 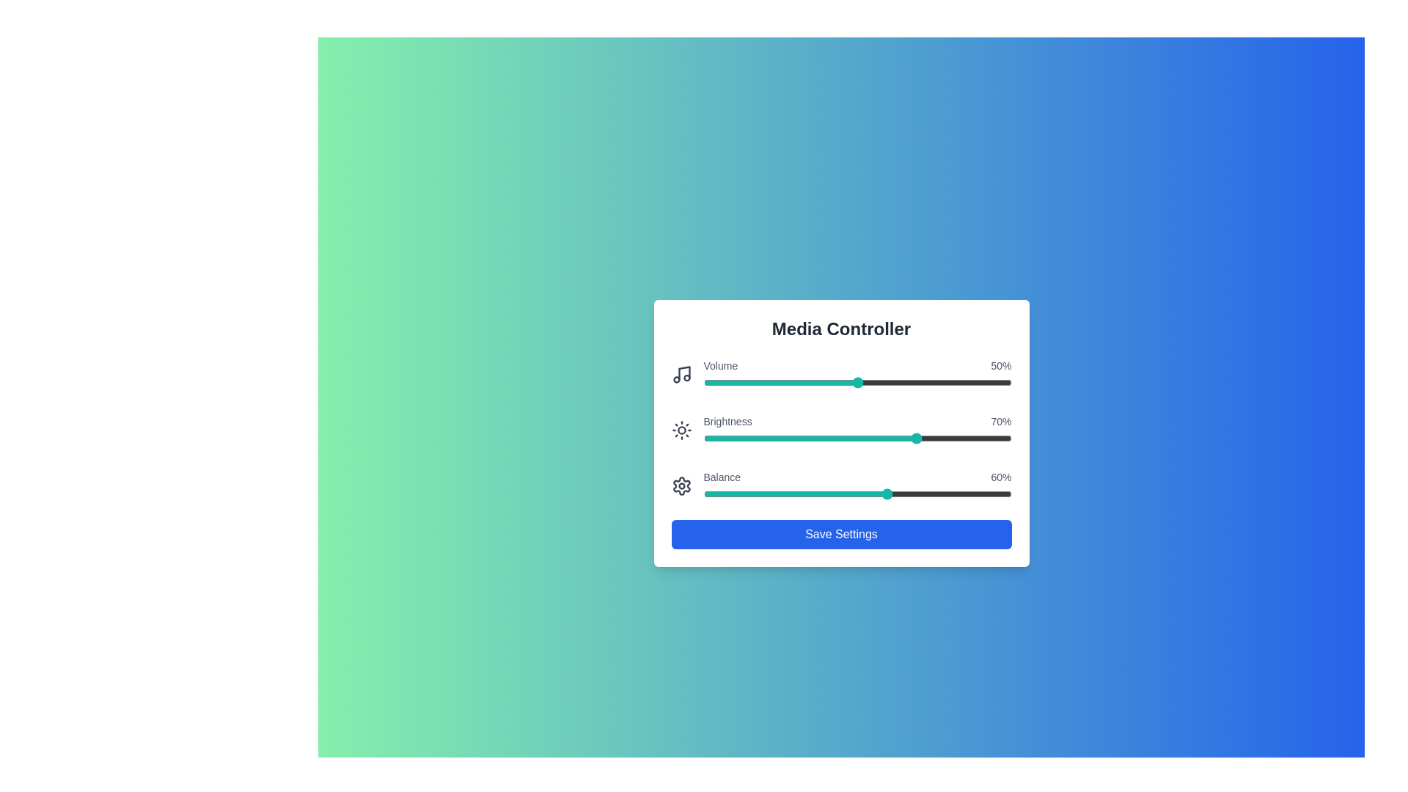 What do you see at coordinates (752, 494) in the screenshot?
I see `the balance slider handle to set the balance to 16%` at bounding box center [752, 494].